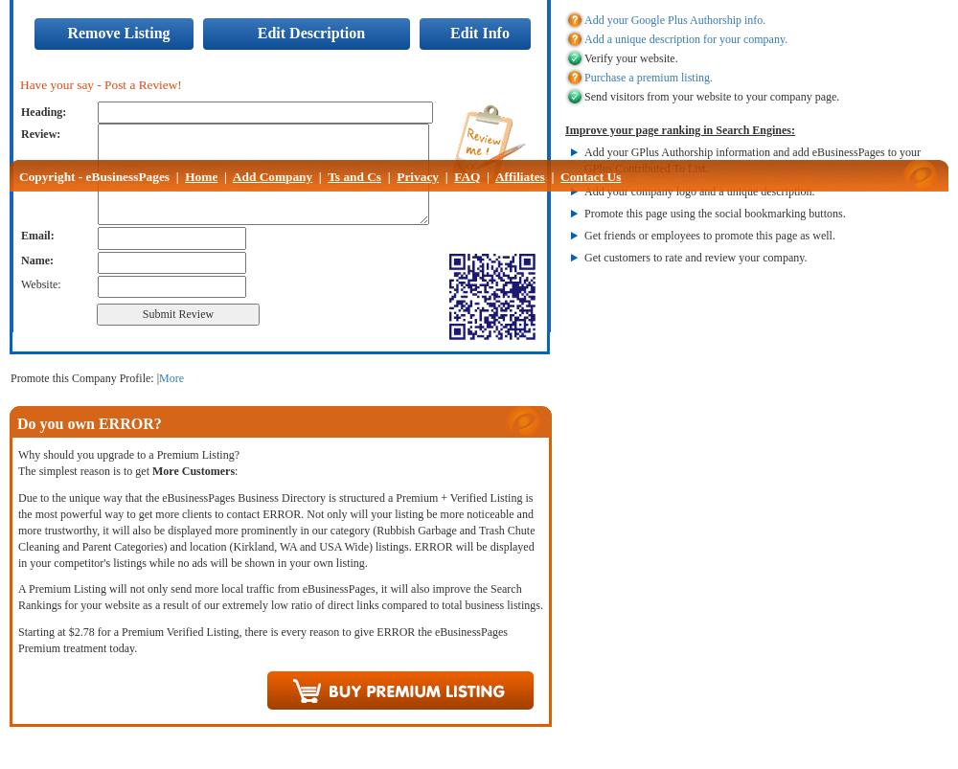 The height and width of the screenshot is (769, 958). What do you see at coordinates (36, 260) in the screenshot?
I see `'Name:'` at bounding box center [36, 260].